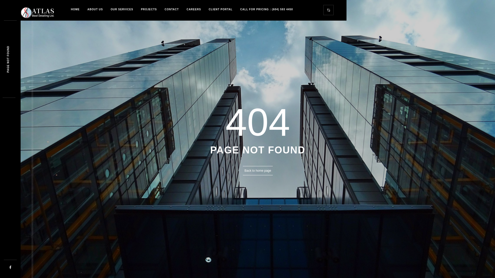  I want to click on 'PAGE NOT FOUND', so click(20, 47).